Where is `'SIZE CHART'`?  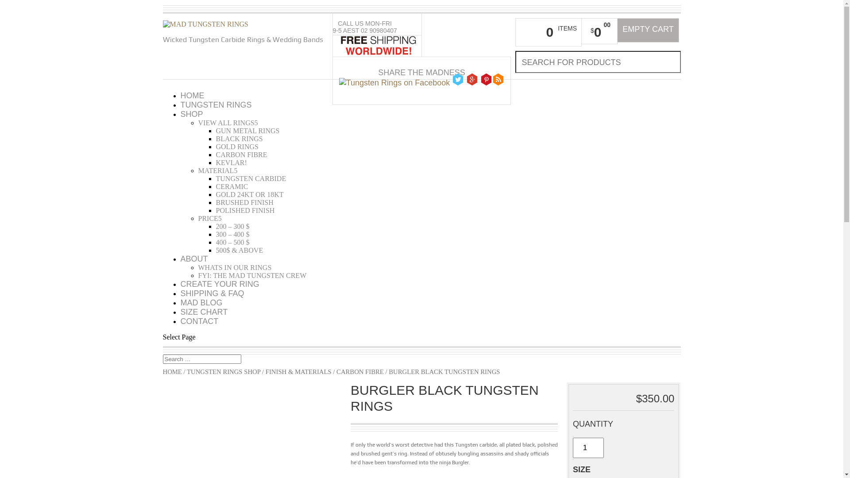
'SIZE CHART' is located at coordinates (204, 312).